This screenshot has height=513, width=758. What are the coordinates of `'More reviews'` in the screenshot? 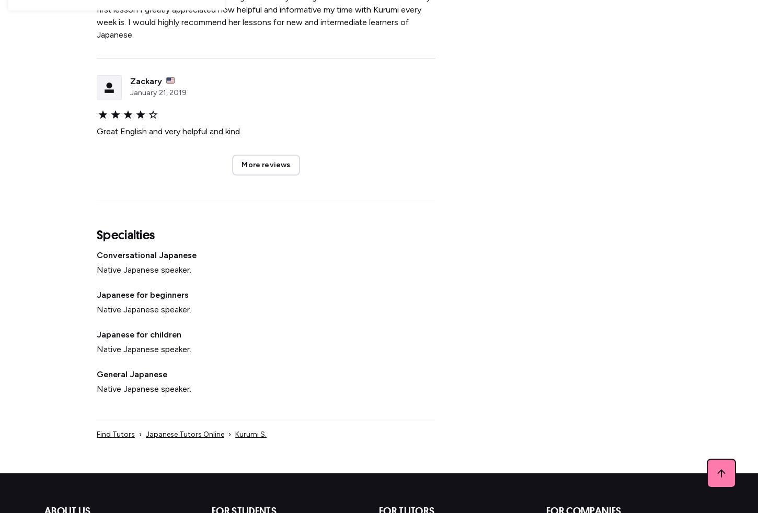 It's located at (266, 165).